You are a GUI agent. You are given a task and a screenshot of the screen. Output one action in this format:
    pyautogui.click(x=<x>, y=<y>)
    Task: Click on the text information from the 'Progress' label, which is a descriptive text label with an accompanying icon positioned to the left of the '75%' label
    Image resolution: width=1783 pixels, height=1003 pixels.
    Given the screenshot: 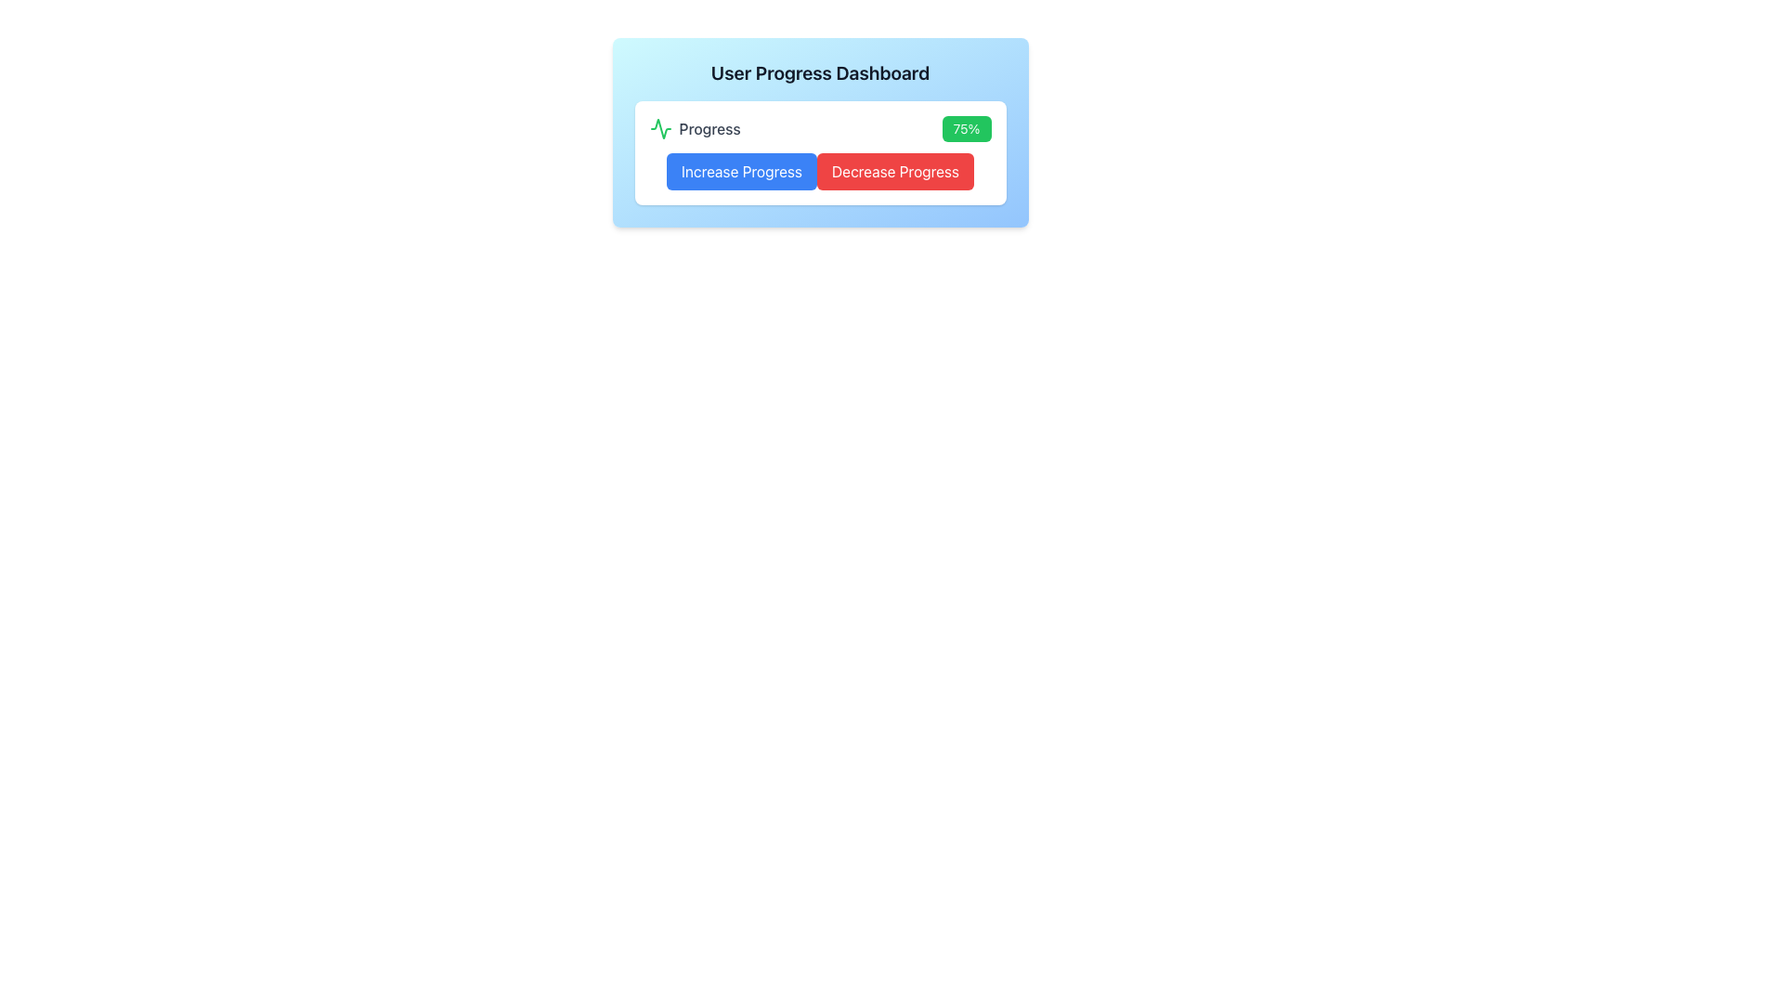 What is the action you would take?
    pyautogui.click(x=694, y=127)
    